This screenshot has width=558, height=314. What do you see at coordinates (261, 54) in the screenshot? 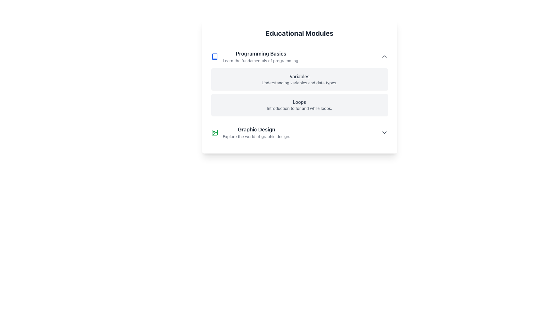
I see `Heading element that serves as the title of the educational module indicating a topic of study in programming basics, located in the 'Educational Modules' section` at bounding box center [261, 54].